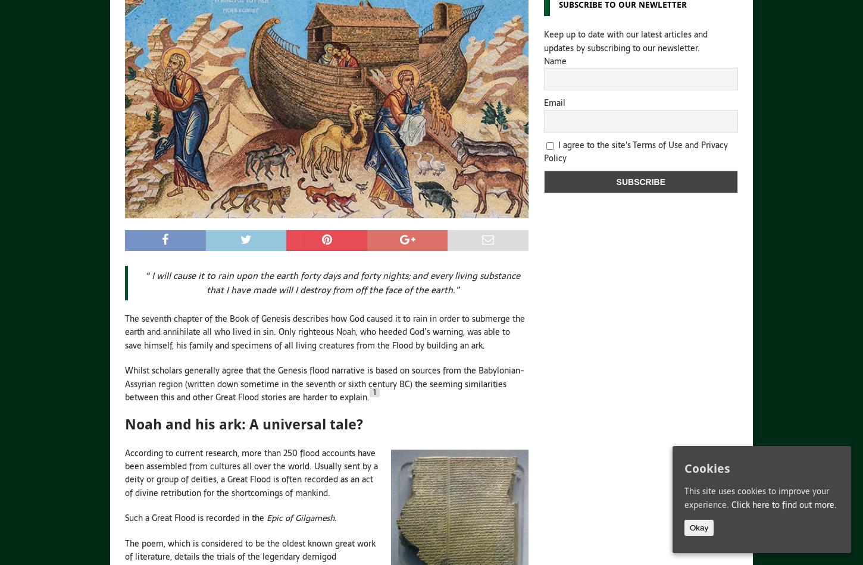 This screenshot has width=863, height=565. Describe the element at coordinates (554, 102) in the screenshot. I see `'Email'` at that location.